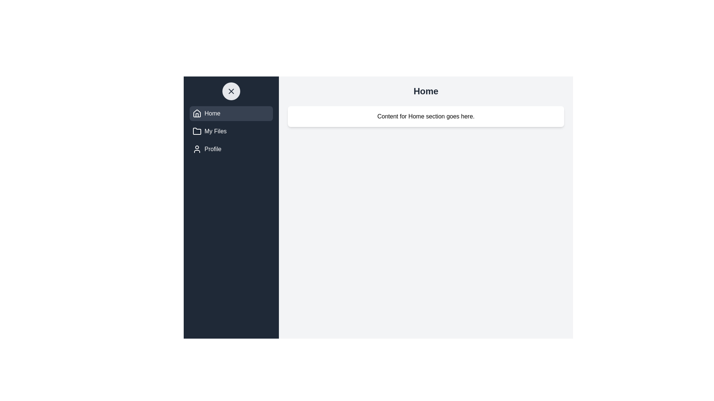 The image size is (714, 401). I want to click on the toggle button to open or close the drawer, so click(231, 91).